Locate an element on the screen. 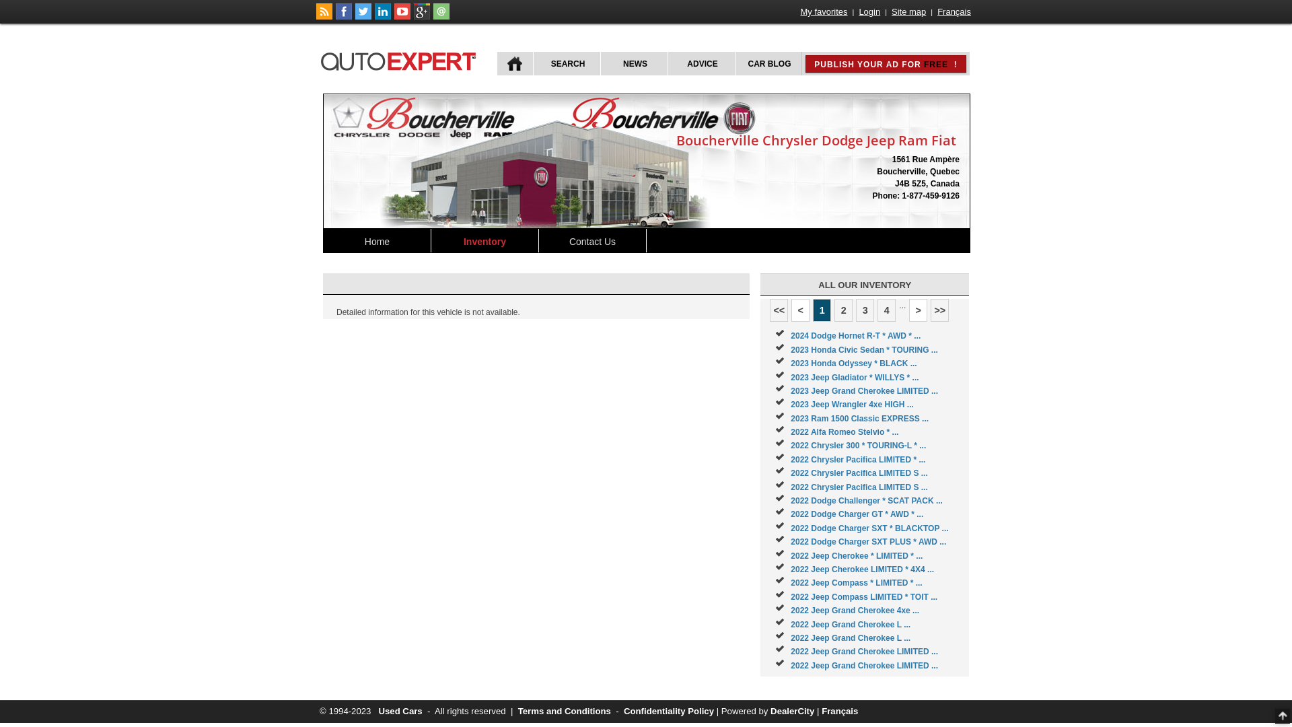  'Follow autoExpert.ca on Youtube' is located at coordinates (402, 16).